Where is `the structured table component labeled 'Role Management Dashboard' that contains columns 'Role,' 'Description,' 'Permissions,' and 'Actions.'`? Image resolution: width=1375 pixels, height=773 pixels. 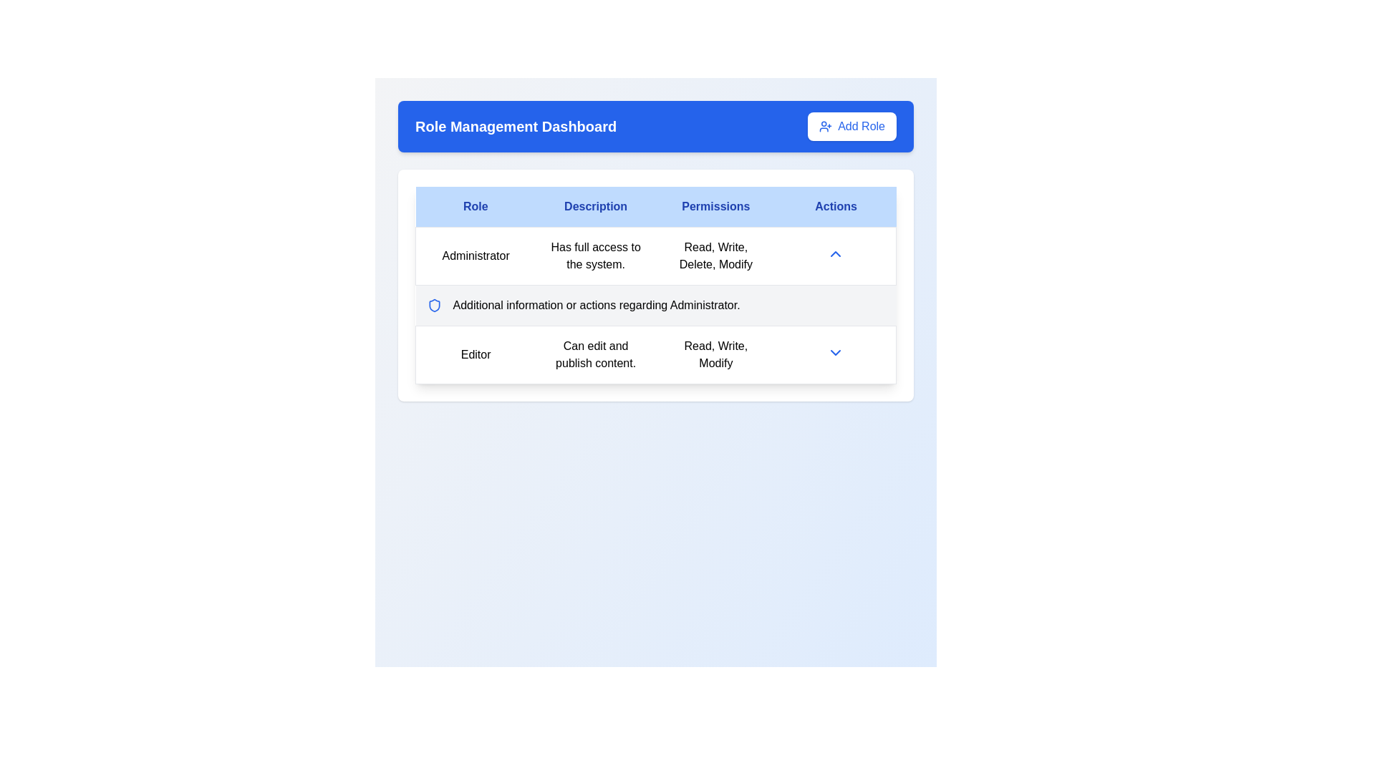
the structured table component labeled 'Role Management Dashboard' that contains columns 'Role,' 'Description,' 'Permissions,' and 'Actions.' is located at coordinates (655, 285).